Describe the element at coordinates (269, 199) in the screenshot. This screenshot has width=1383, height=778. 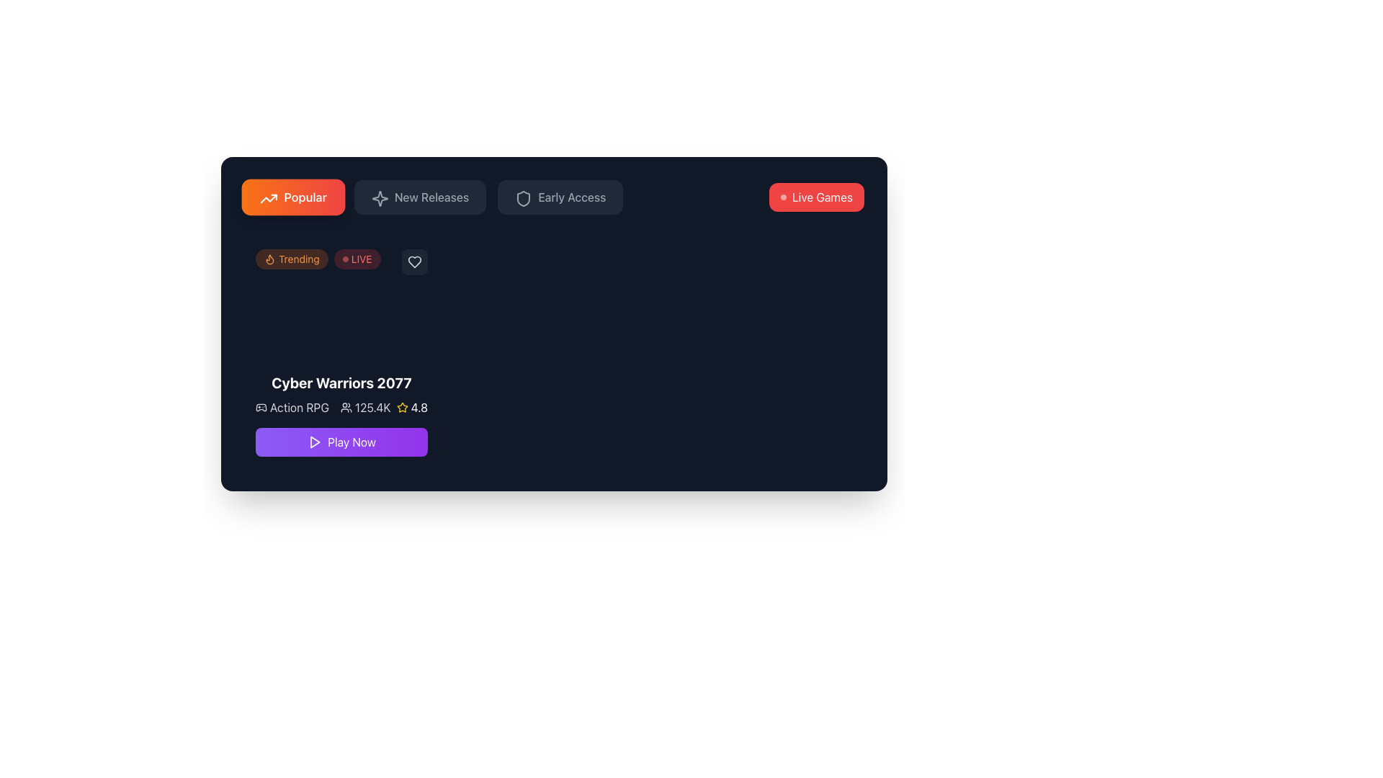
I see `the graphical icon of the upward trending arrow embedded in the orange 'Popular' button to interact with it` at that location.